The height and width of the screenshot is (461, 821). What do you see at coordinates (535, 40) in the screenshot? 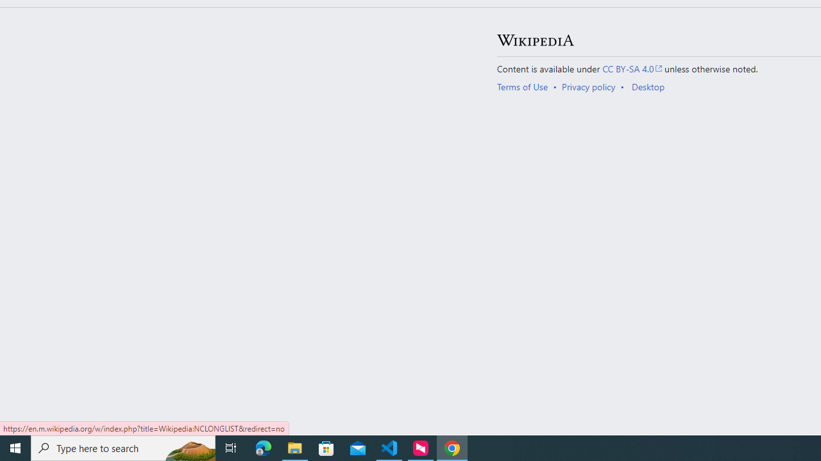
I see `'Wikipedia'` at bounding box center [535, 40].